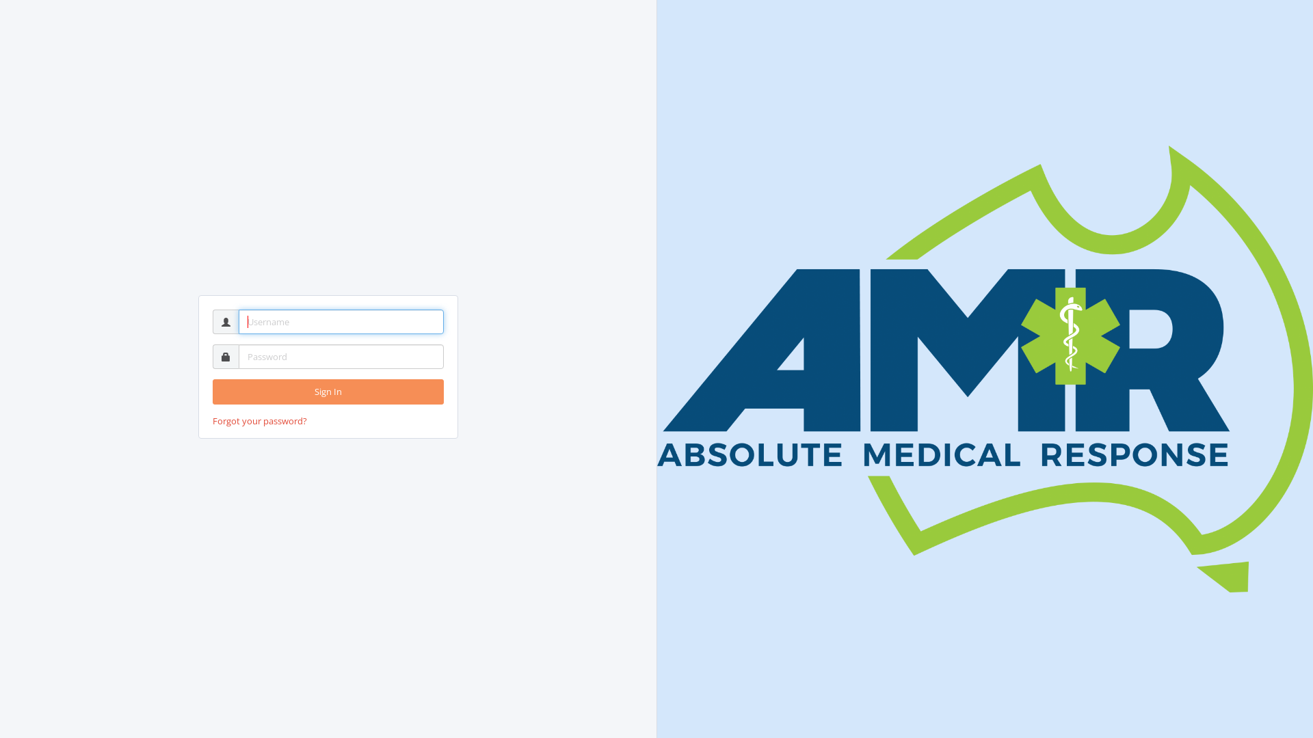 This screenshot has height=738, width=1313. I want to click on 'Sign In', so click(328, 392).